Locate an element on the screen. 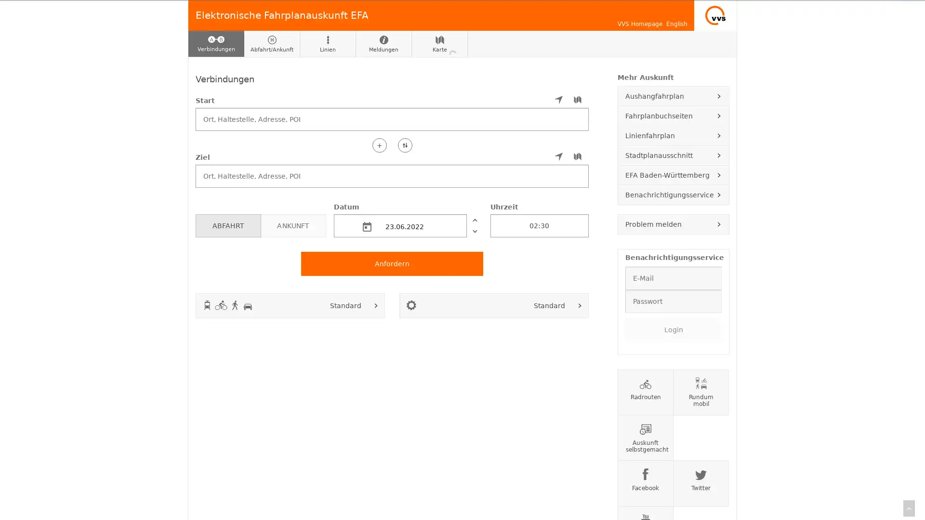 The width and height of the screenshot is (925, 520). ANKUNFT is located at coordinates (292, 225).